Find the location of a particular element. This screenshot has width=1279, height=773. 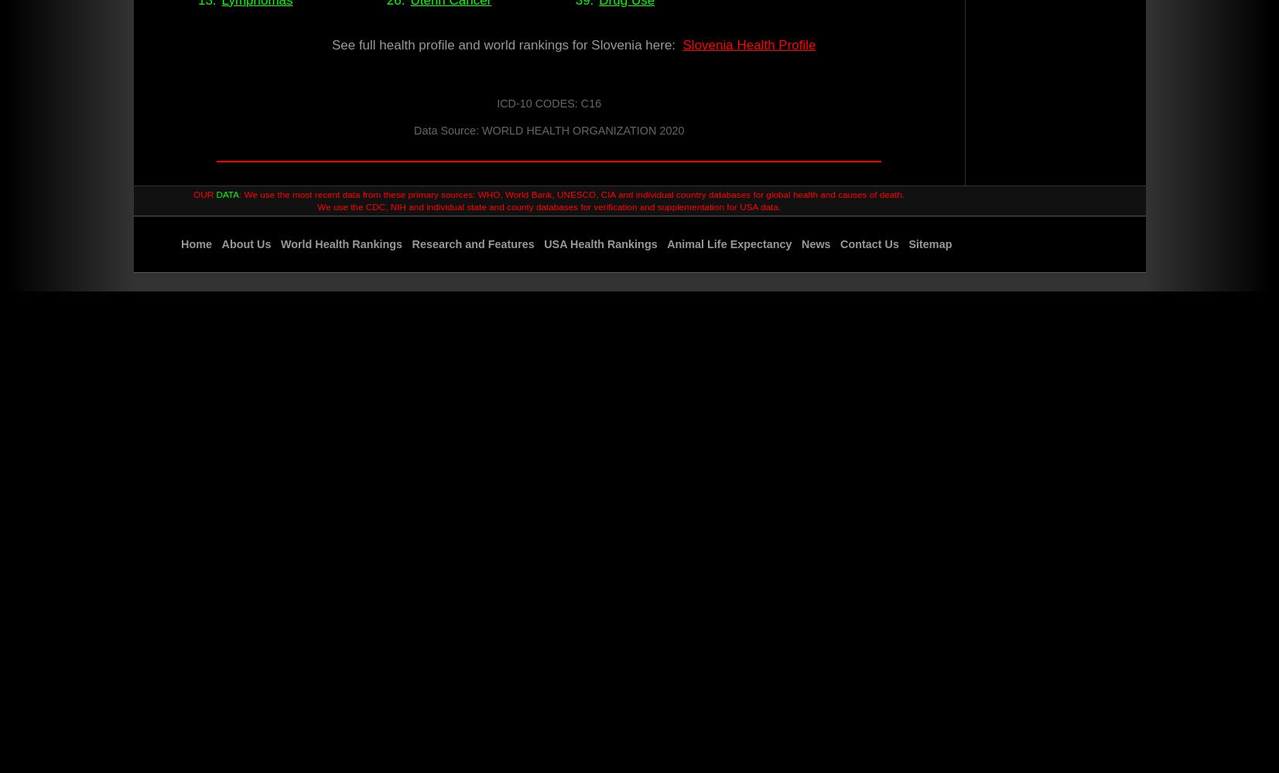

'OUR' is located at coordinates (203, 194).